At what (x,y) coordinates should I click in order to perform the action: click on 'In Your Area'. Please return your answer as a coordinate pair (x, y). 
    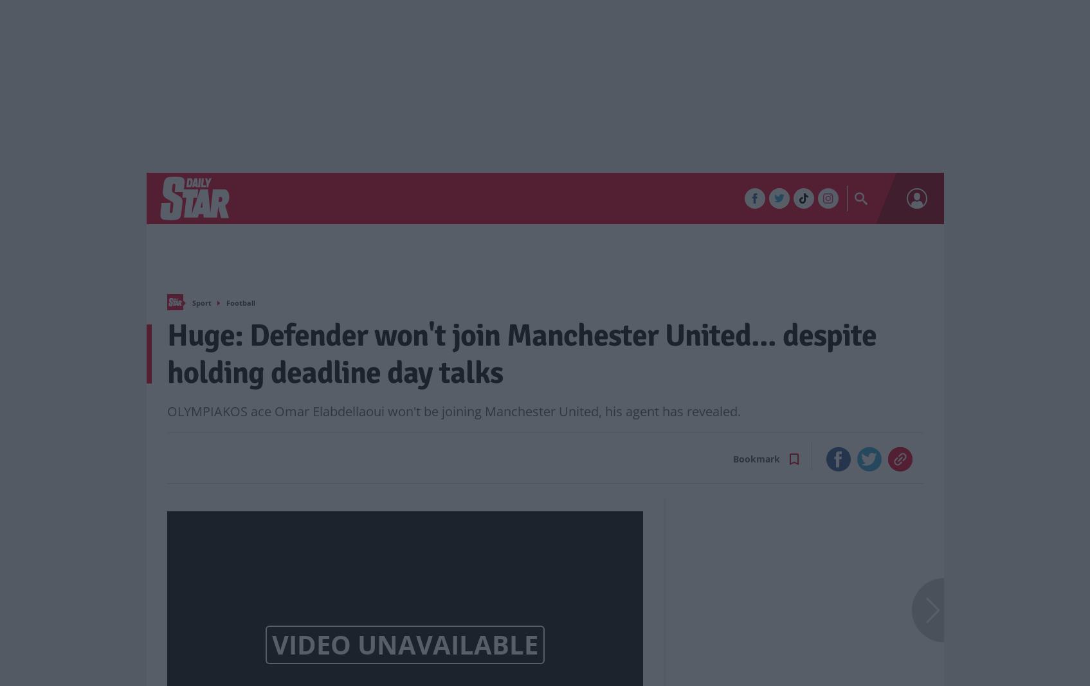
    Looking at the image, I should click on (603, 199).